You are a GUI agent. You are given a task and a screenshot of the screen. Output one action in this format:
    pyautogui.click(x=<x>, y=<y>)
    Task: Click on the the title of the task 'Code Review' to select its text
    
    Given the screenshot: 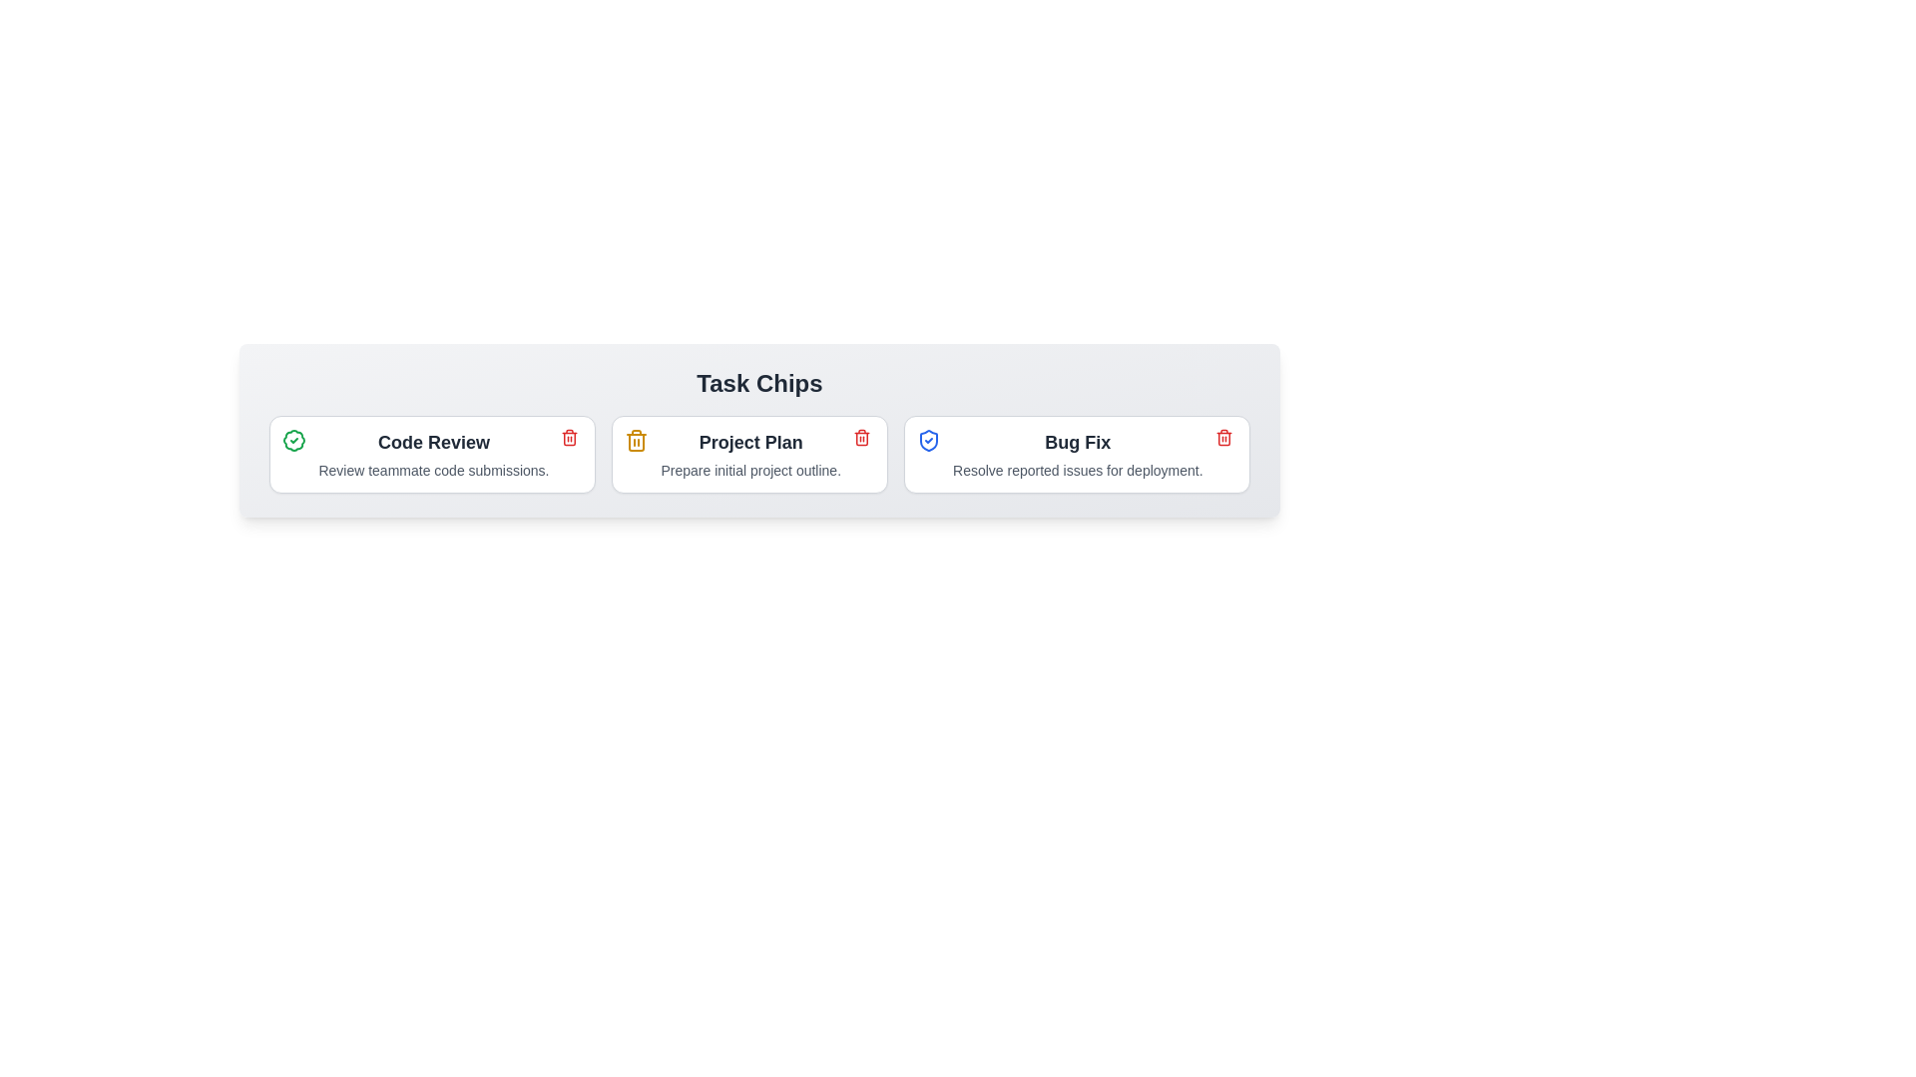 What is the action you would take?
    pyautogui.click(x=432, y=441)
    